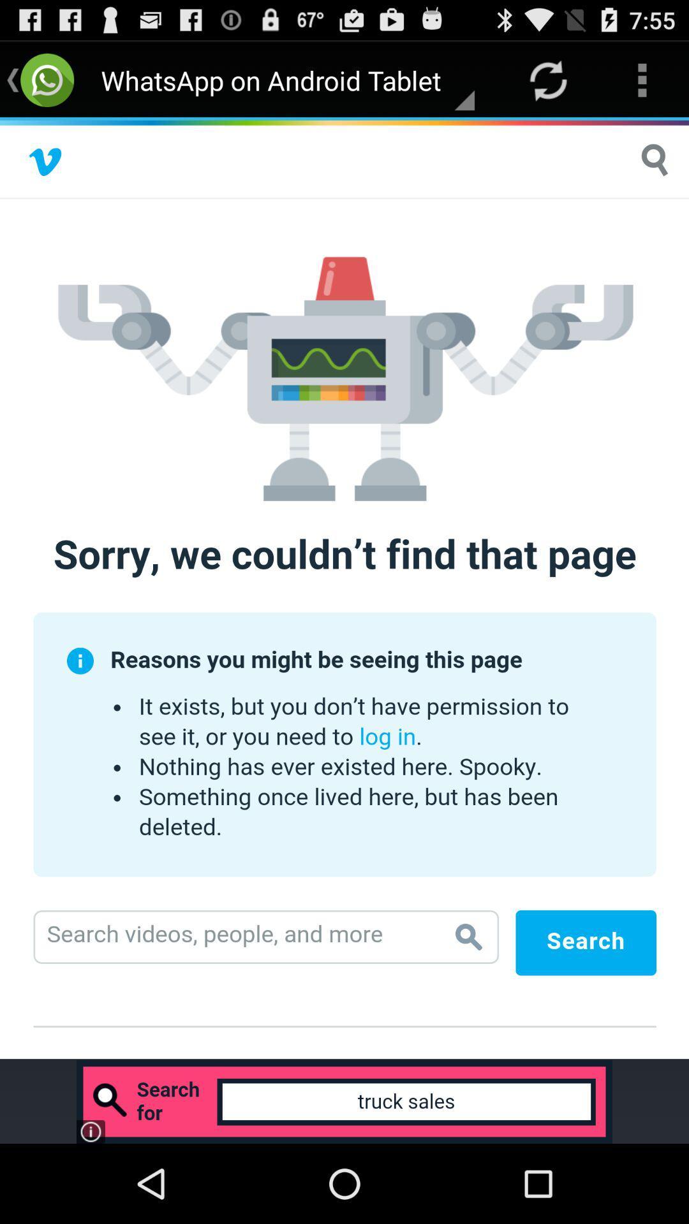 The width and height of the screenshot is (689, 1224). I want to click on selact screen, so click(344, 589).